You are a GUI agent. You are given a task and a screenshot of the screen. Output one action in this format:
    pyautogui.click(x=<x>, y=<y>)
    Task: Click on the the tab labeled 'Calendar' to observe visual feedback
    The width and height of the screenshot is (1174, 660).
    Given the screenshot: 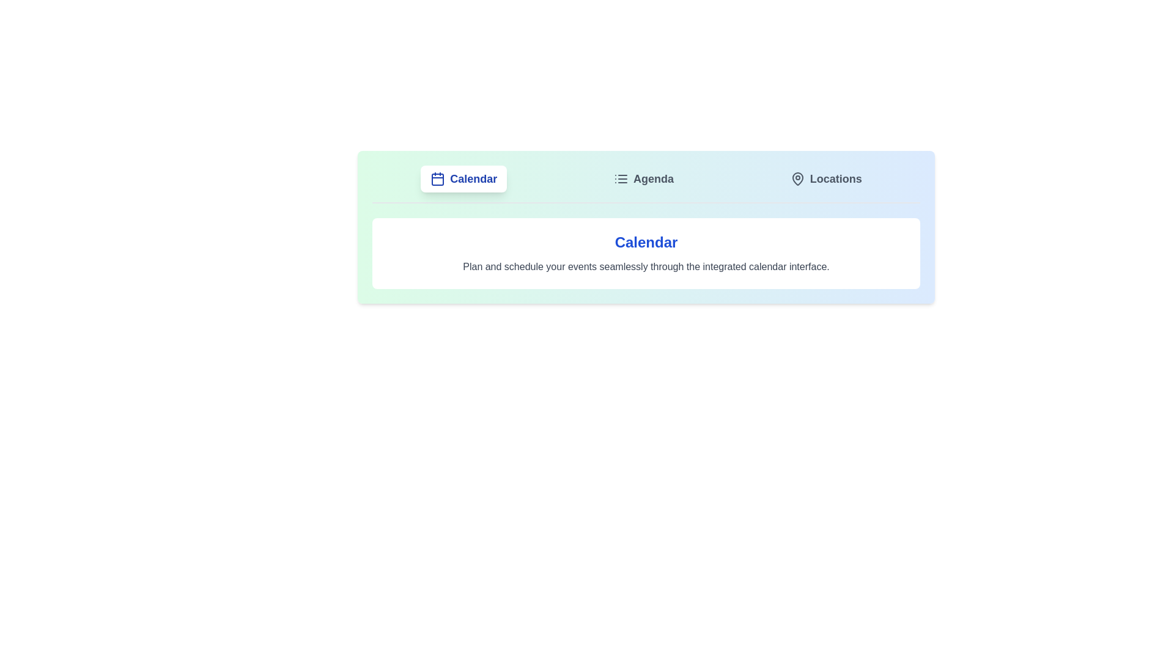 What is the action you would take?
    pyautogui.click(x=463, y=179)
    